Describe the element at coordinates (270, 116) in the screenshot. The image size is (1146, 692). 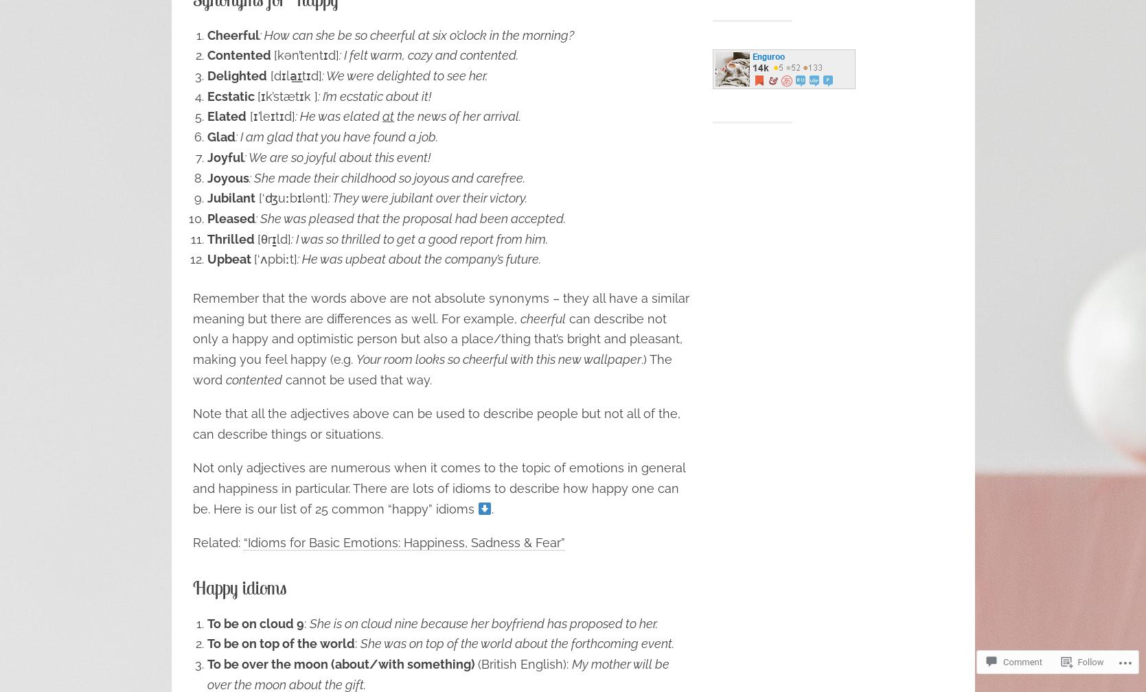
I see `'[ɪ’leɪtɪd]'` at that location.